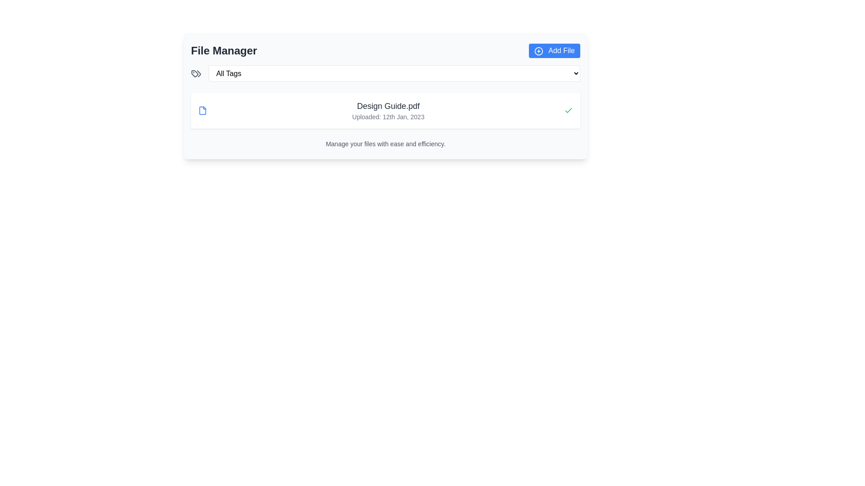 This screenshot has width=865, height=486. I want to click on the 'All Tags' dropdown selector located in the top section of the file management interface, so click(394, 73).